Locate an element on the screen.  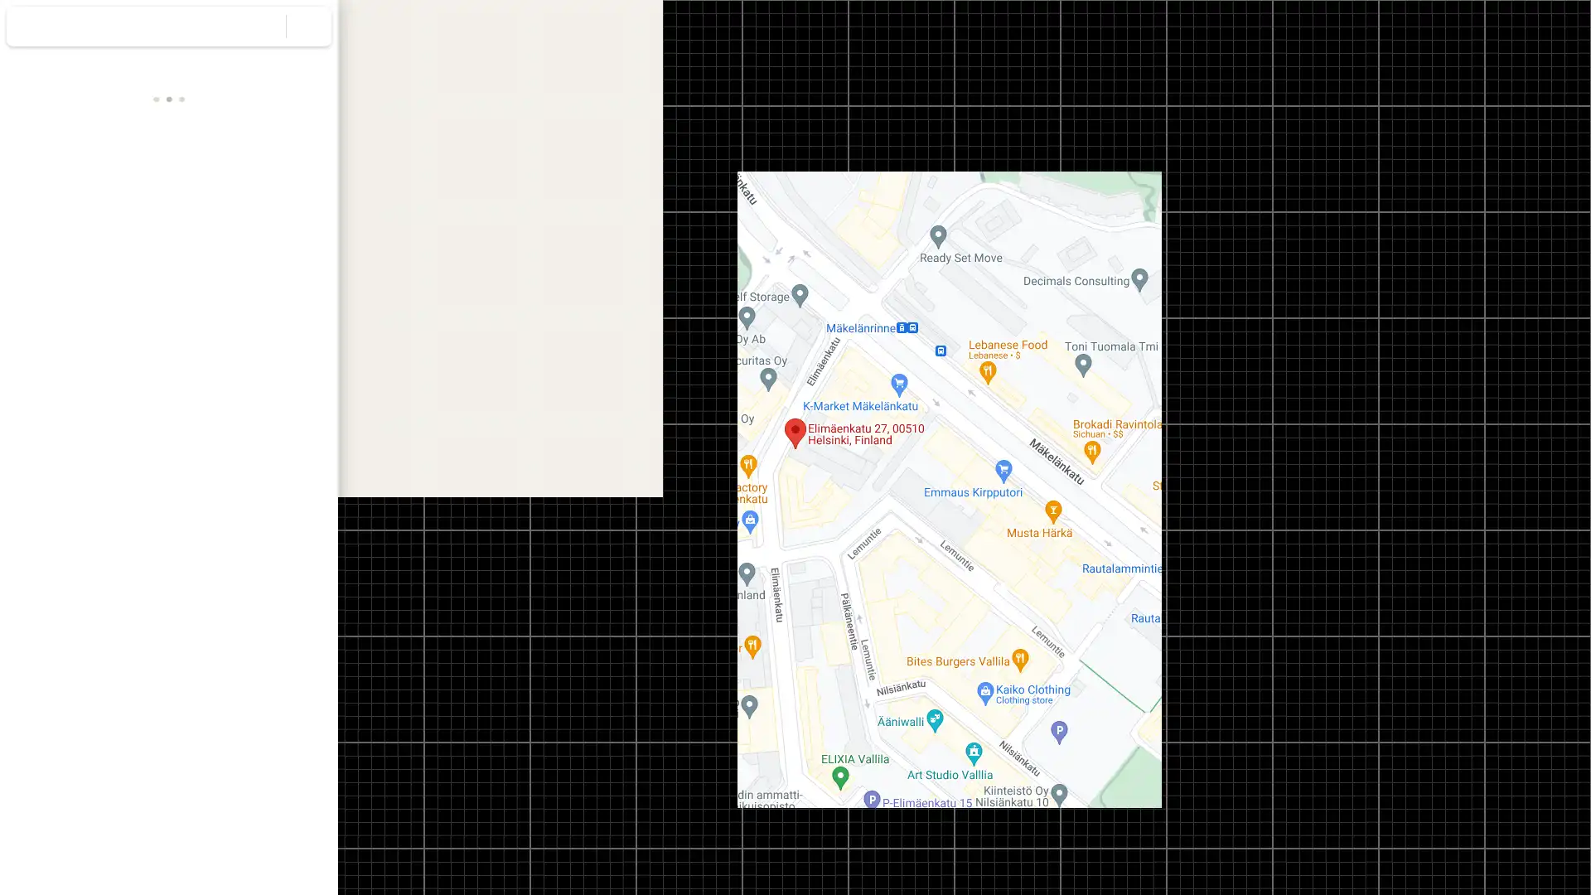
Search nearby Elimaenkatu 27 is located at coordinates (168, 283).